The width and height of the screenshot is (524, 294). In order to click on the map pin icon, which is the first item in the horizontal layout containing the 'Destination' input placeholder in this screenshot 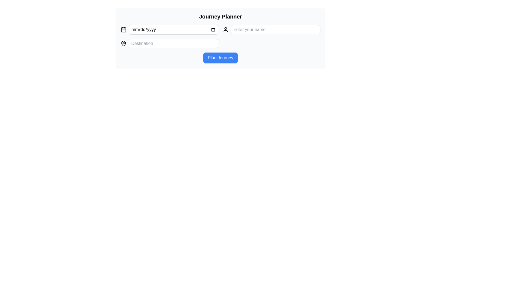, I will do `click(123, 43)`.